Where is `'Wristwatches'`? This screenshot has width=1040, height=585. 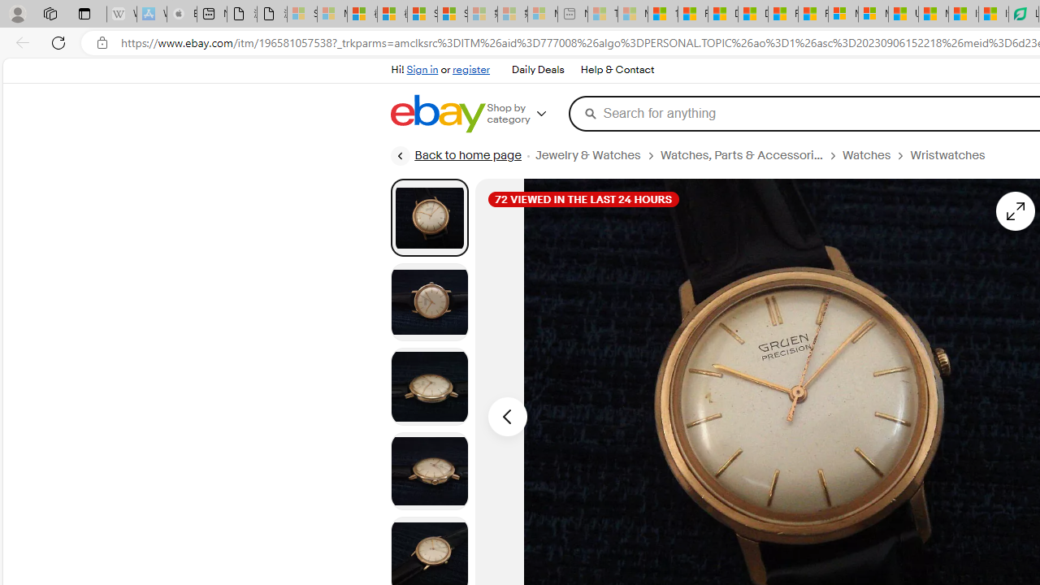
'Wristwatches' is located at coordinates (947, 155).